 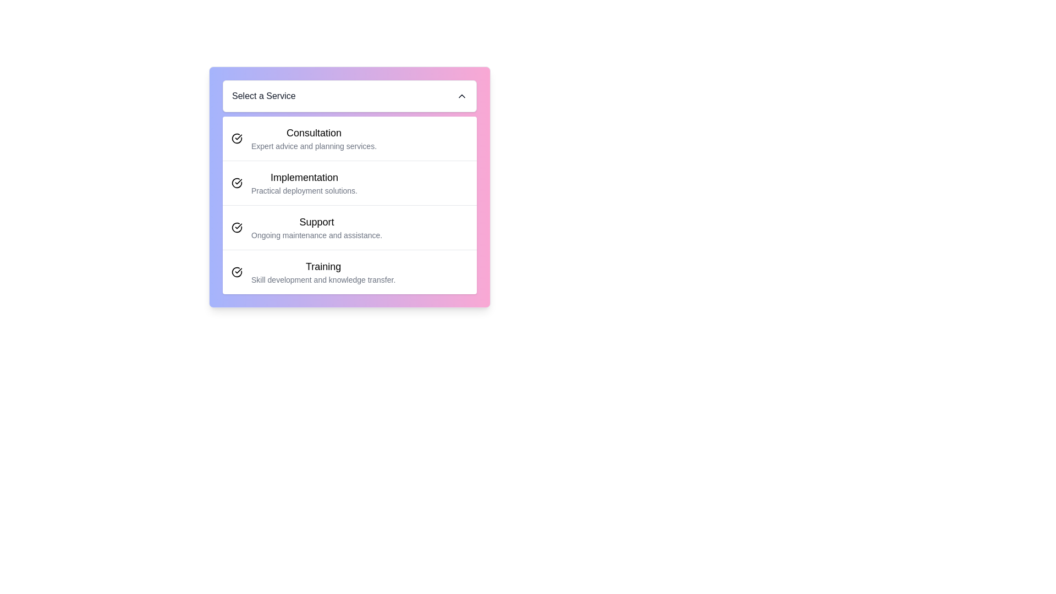 What do you see at coordinates (349, 137) in the screenshot?
I see `to select the 'Consultation' service option, which is the first item in the vertical list inside the 'Select a Service' panel` at bounding box center [349, 137].